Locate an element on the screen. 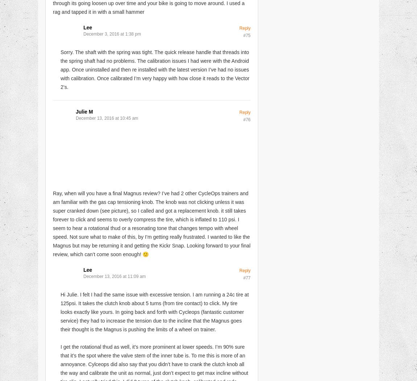 The image size is (417, 381). 'Sorry. The shaft with the spring was tight.  The quick release handle that threads into the spring shaft had no problems.  The calibration issues I had were with the Android app. Once uninstalled and then re installed with the latest version I’ve had no issues with calibration. Once calibrated I’m very happy with how close it reads to the Vector 2’s.' is located at coordinates (154, 69).